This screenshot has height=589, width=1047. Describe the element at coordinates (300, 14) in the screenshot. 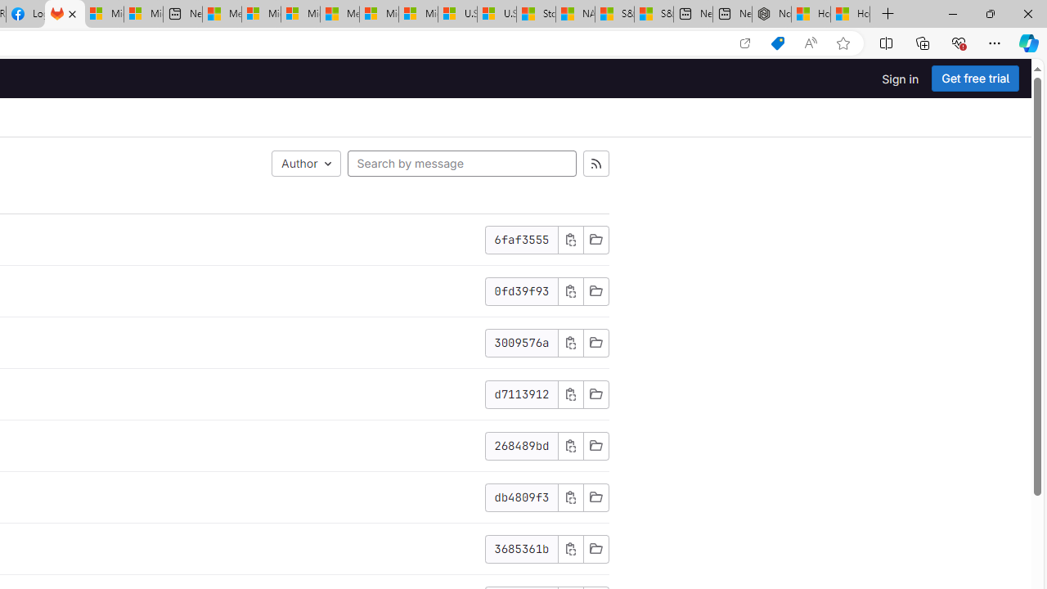

I see `'Microsoft account | Home'` at that location.